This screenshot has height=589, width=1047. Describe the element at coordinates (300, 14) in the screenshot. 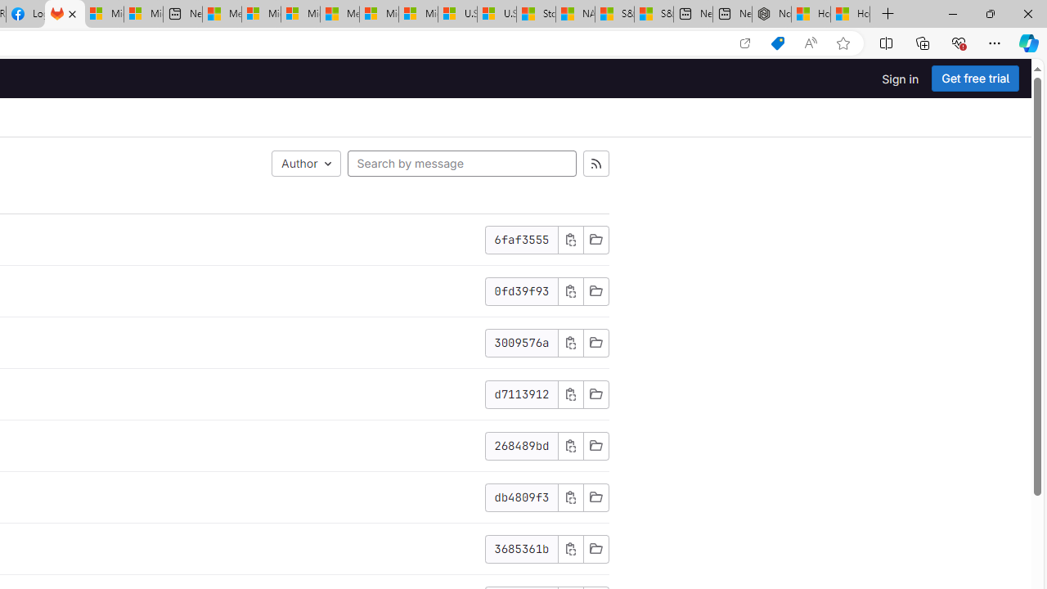

I see `'Microsoft account | Home'` at that location.